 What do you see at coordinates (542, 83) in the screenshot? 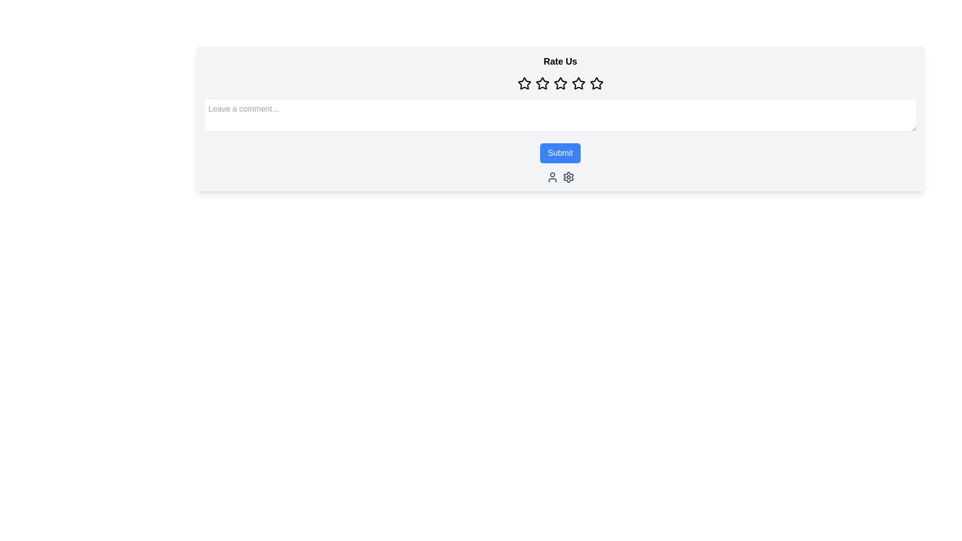
I see `the second star icon in the horizontal rating mechanism to provide a rating` at bounding box center [542, 83].